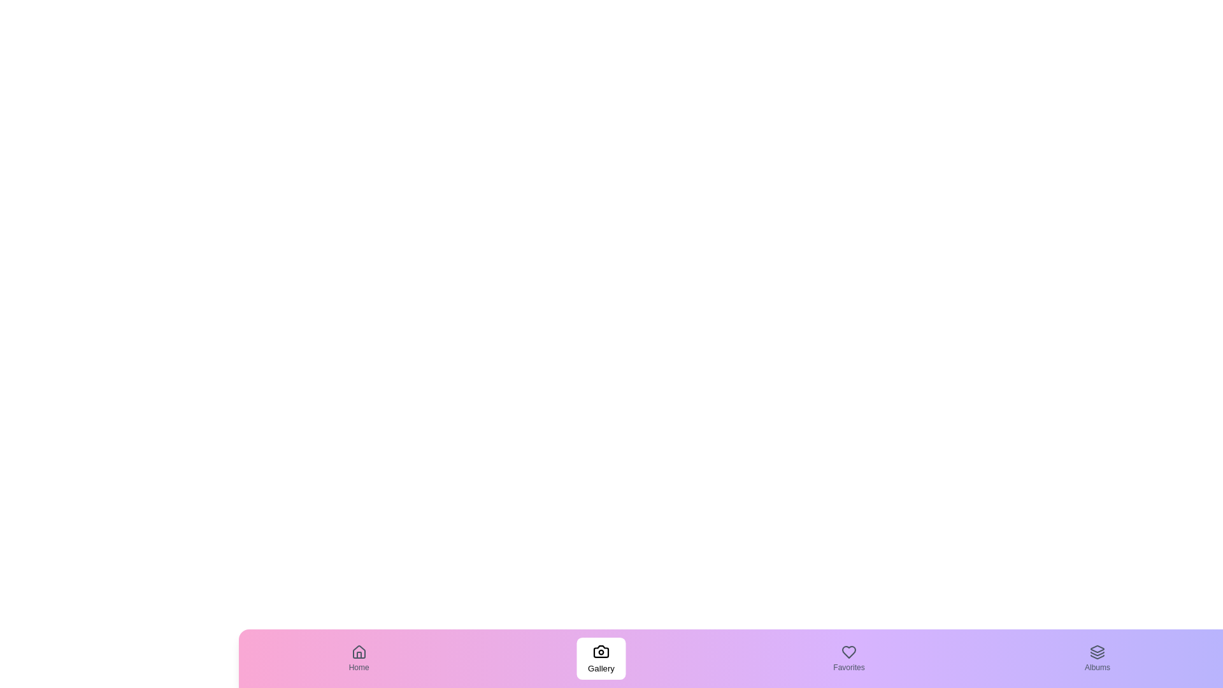  I want to click on the tab labeled Albums to observe its hover effect, so click(1097, 658).